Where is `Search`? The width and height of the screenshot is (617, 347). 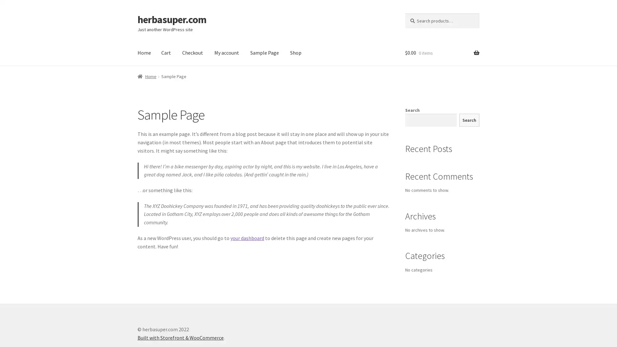 Search is located at coordinates (469, 120).